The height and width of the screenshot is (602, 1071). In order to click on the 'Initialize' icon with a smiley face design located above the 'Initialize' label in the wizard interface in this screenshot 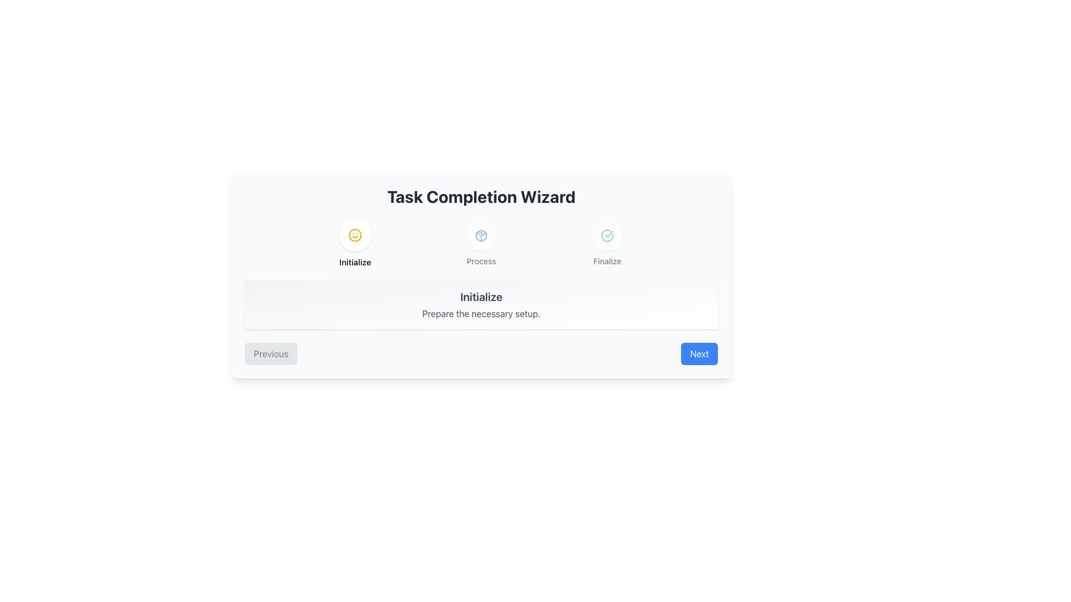, I will do `click(355, 234)`.